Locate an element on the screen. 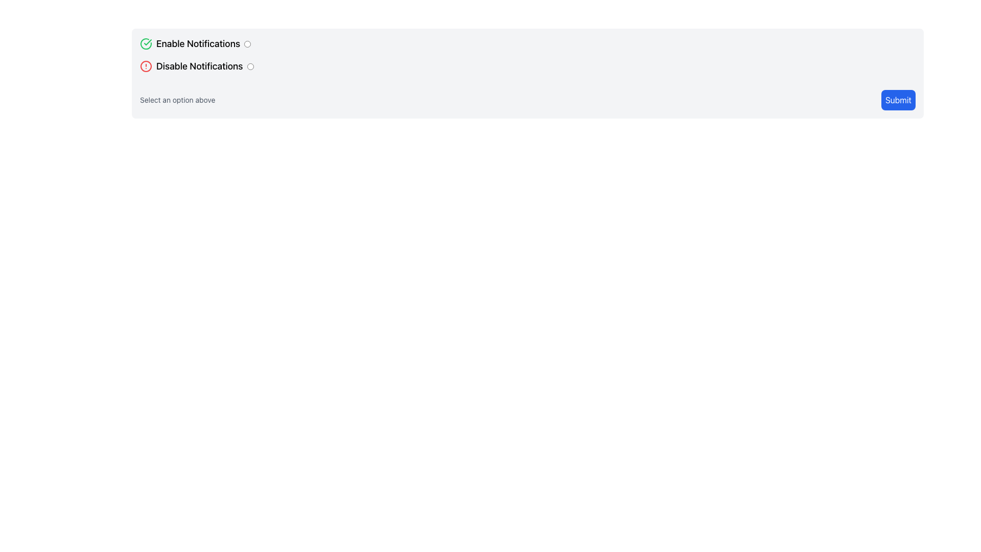 This screenshot has width=981, height=552. the radio button option for disabling notifications, which is the second row in the grouped list of notification options, to trigger hover effects is located at coordinates (527, 66).